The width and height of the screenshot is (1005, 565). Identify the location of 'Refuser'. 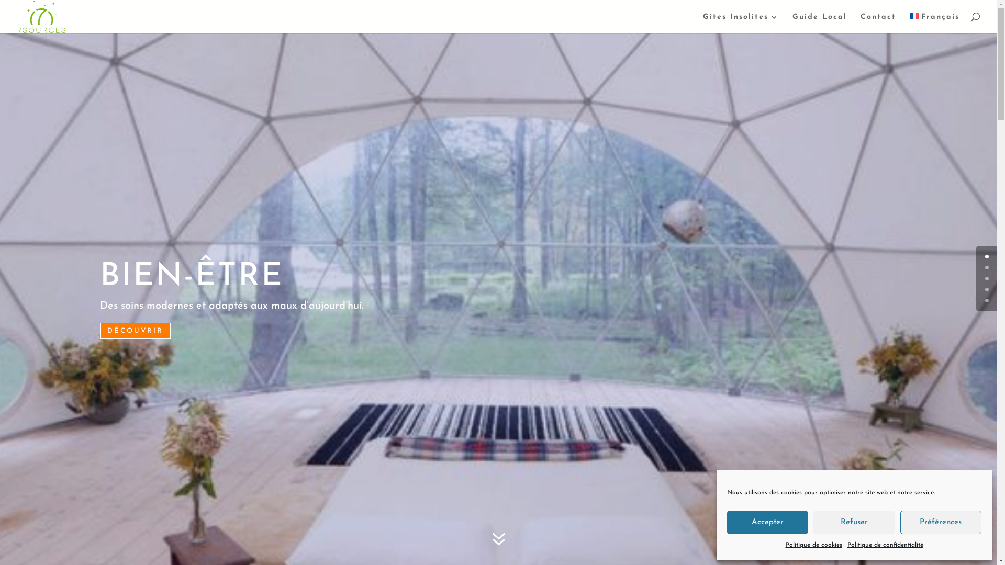
(854, 522).